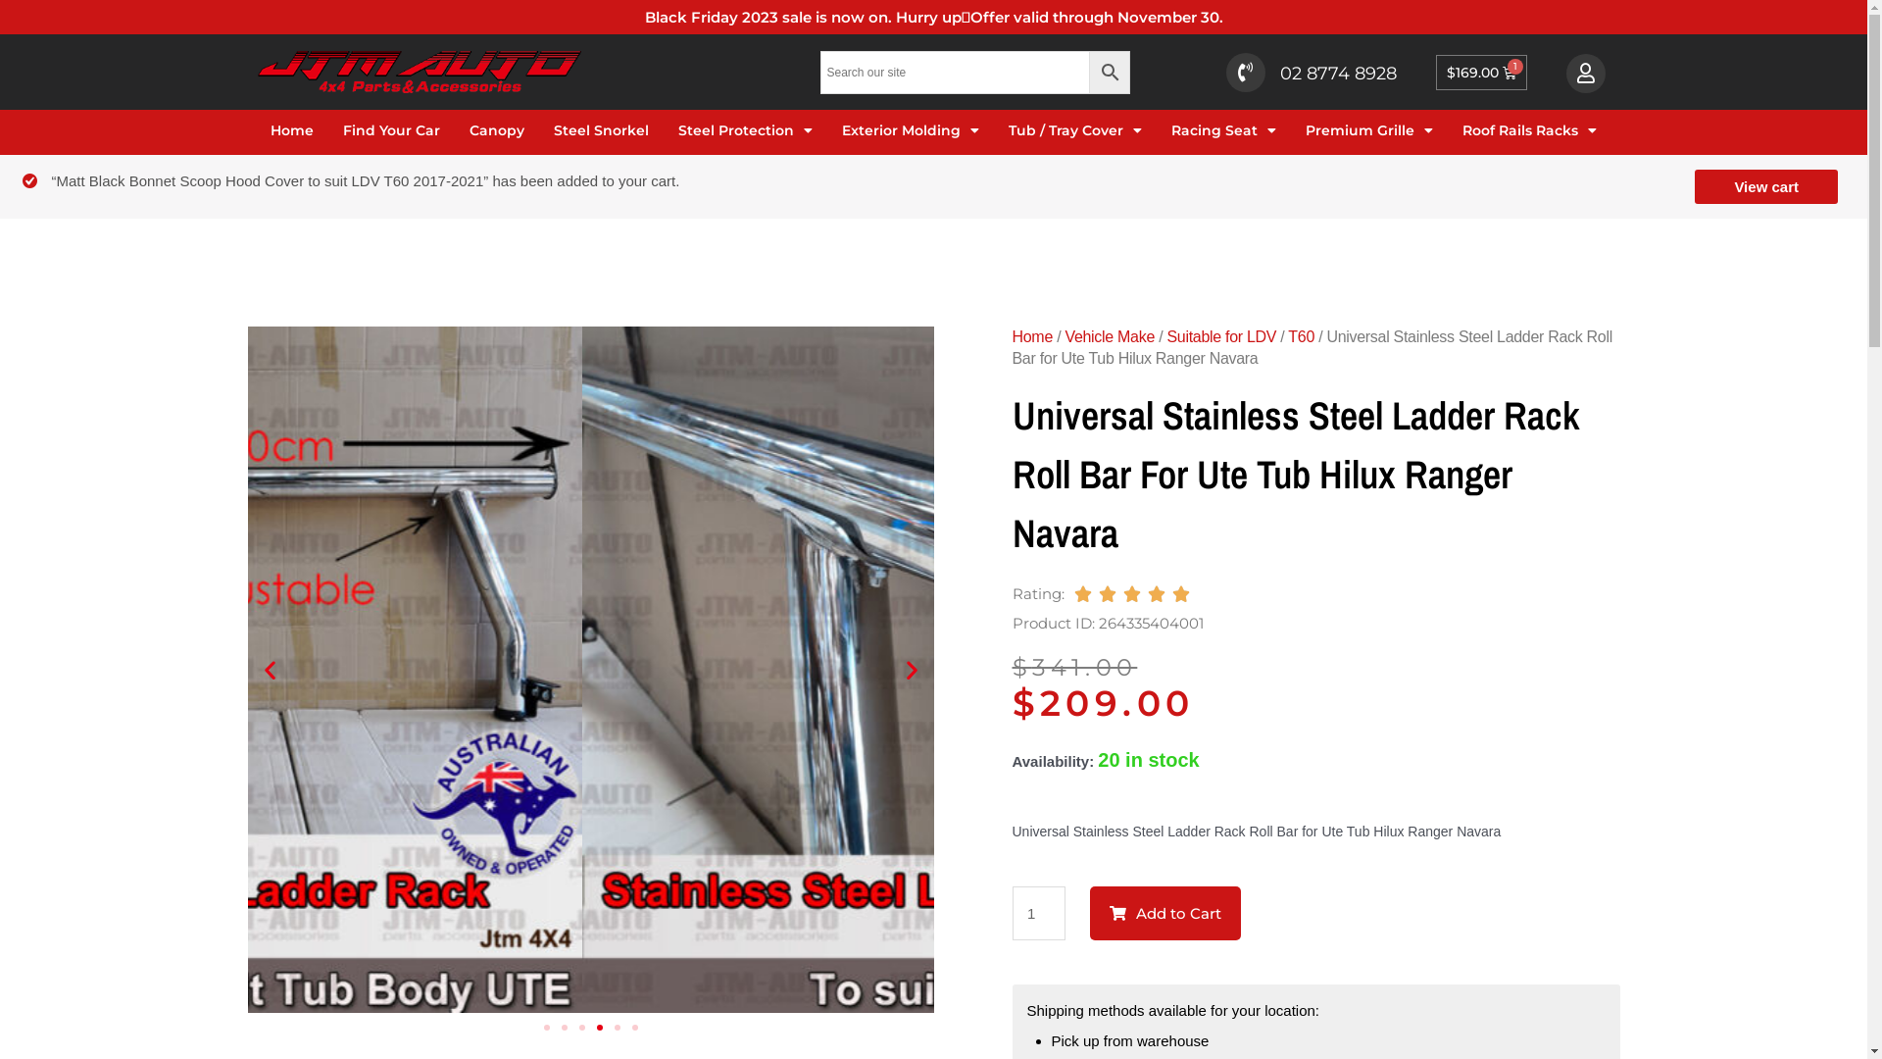  I want to click on 'Steel Protection', so click(744, 130).